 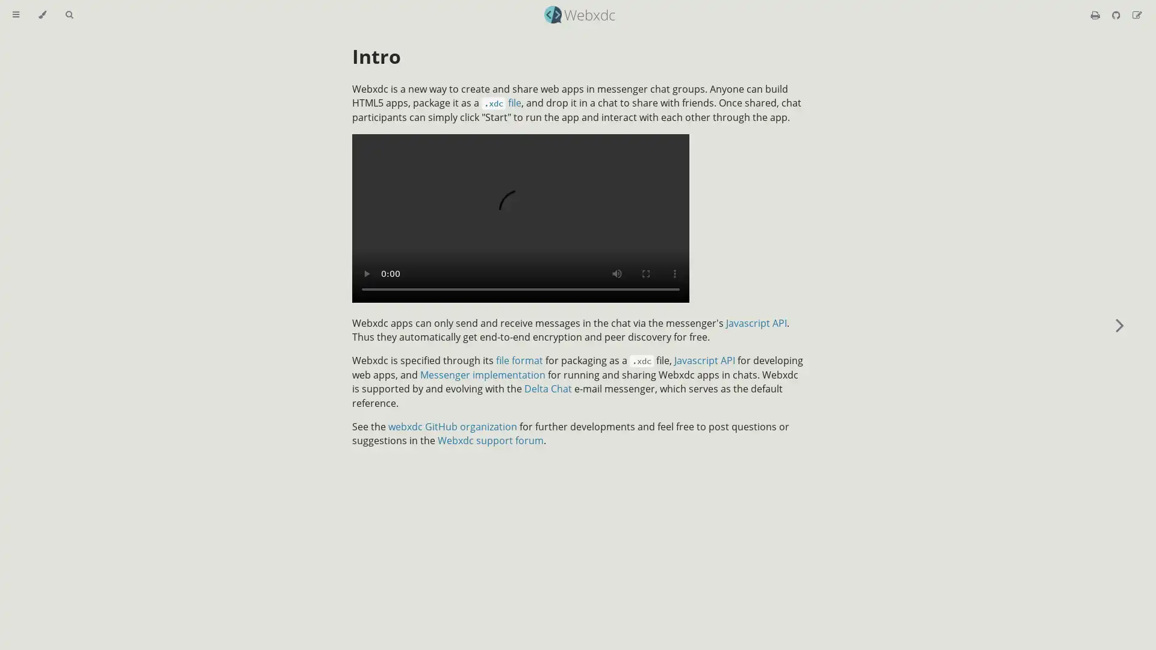 I want to click on enter full screen, so click(x=645, y=274).